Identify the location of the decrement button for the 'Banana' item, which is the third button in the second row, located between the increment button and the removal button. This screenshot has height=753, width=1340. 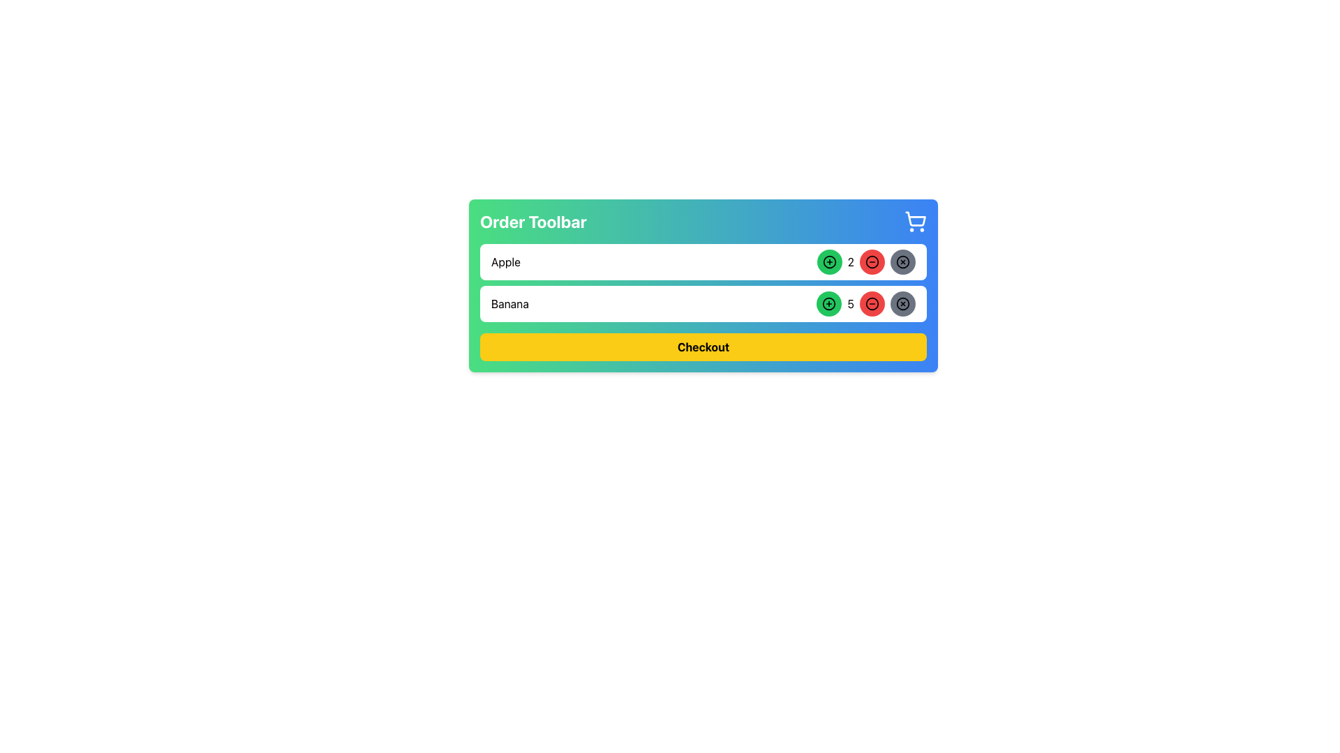
(871, 303).